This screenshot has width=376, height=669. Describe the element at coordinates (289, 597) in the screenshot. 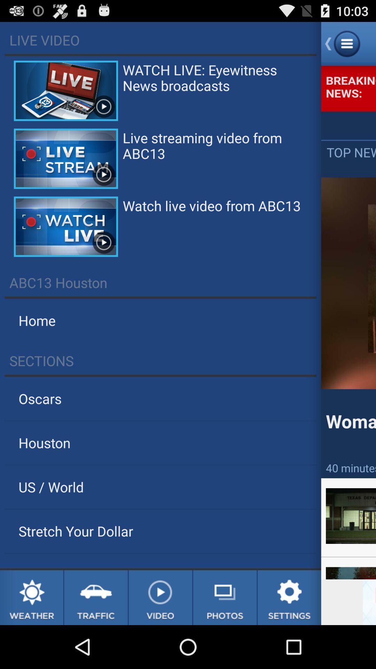

I see `open settings tab` at that location.